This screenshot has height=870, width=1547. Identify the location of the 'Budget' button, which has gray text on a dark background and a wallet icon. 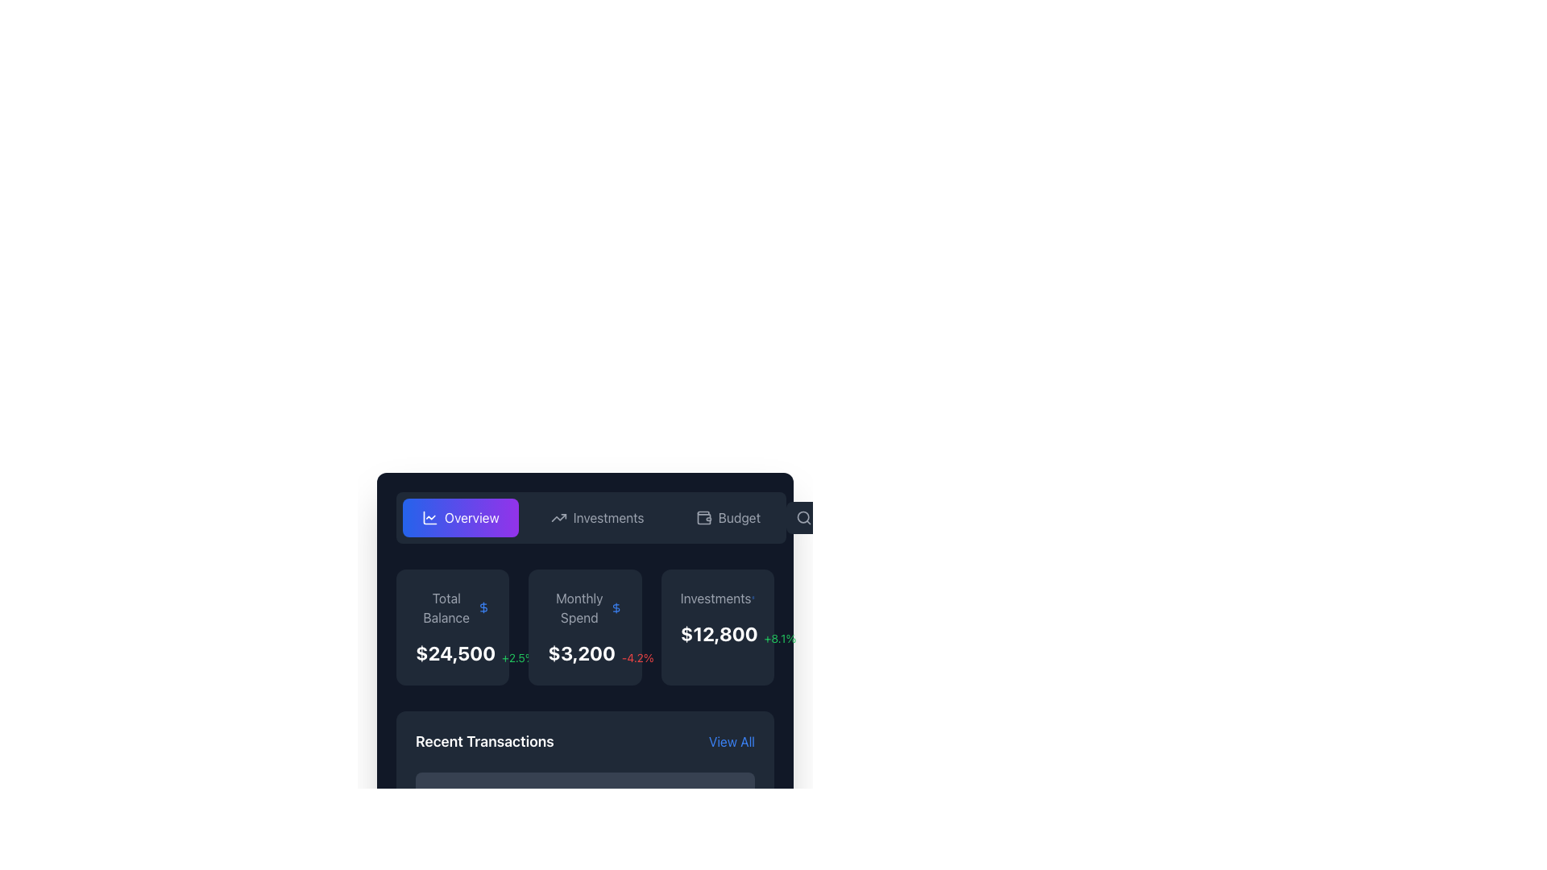
(727, 518).